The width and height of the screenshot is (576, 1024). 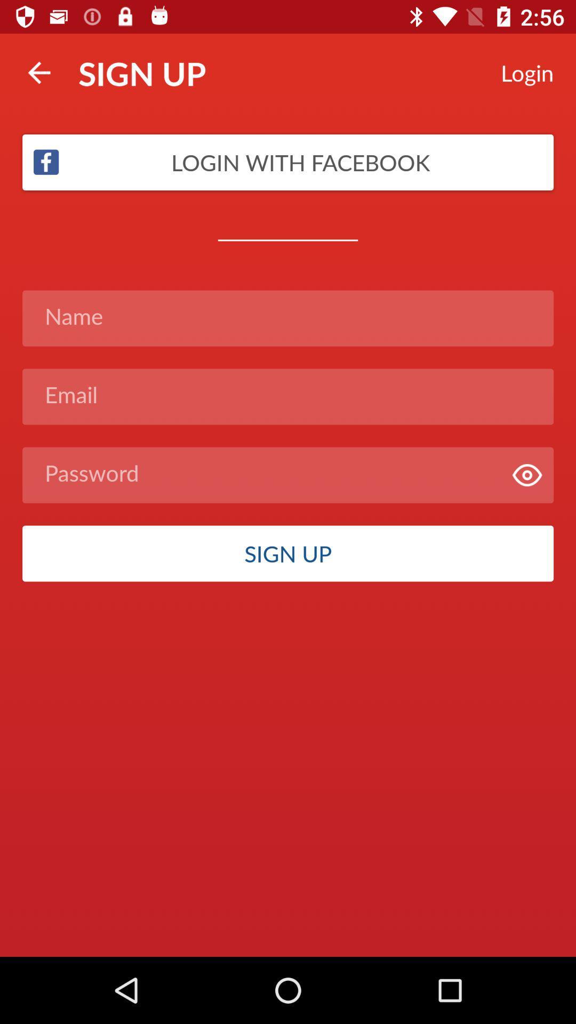 What do you see at coordinates (288, 162) in the screenshot?
I see `login with facebook item` at bounding box center [288, 162].